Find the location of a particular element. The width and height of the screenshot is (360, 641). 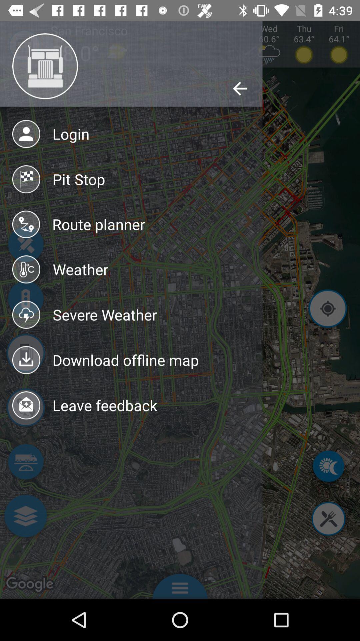

the menu icon is located at coordinates (180, 584).